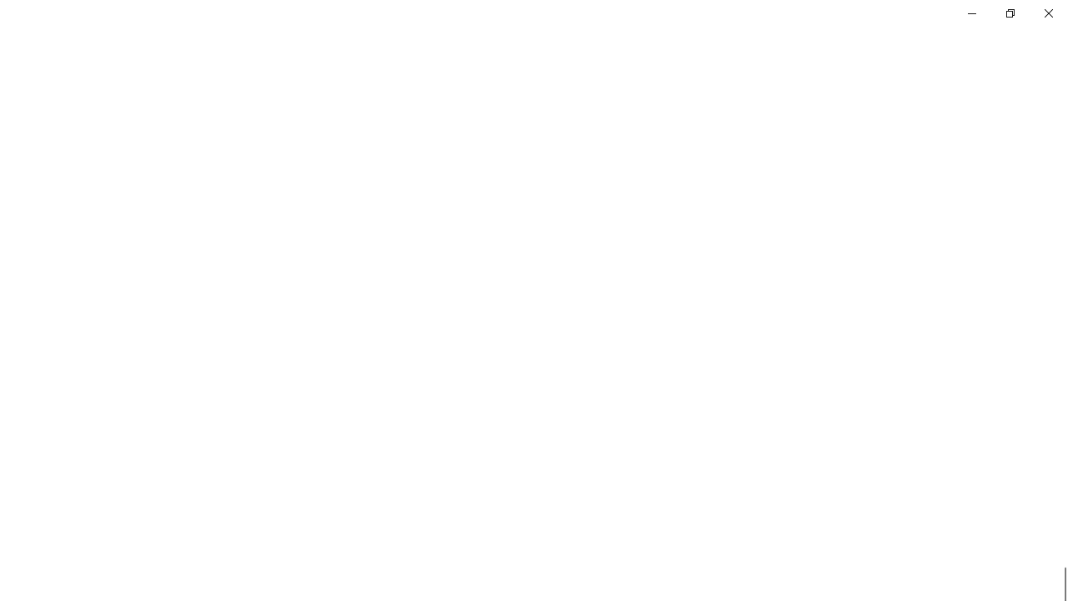 This screenshot has width=1068, height=601. I want to click on 'Restore Settings', so click(1009, 13).